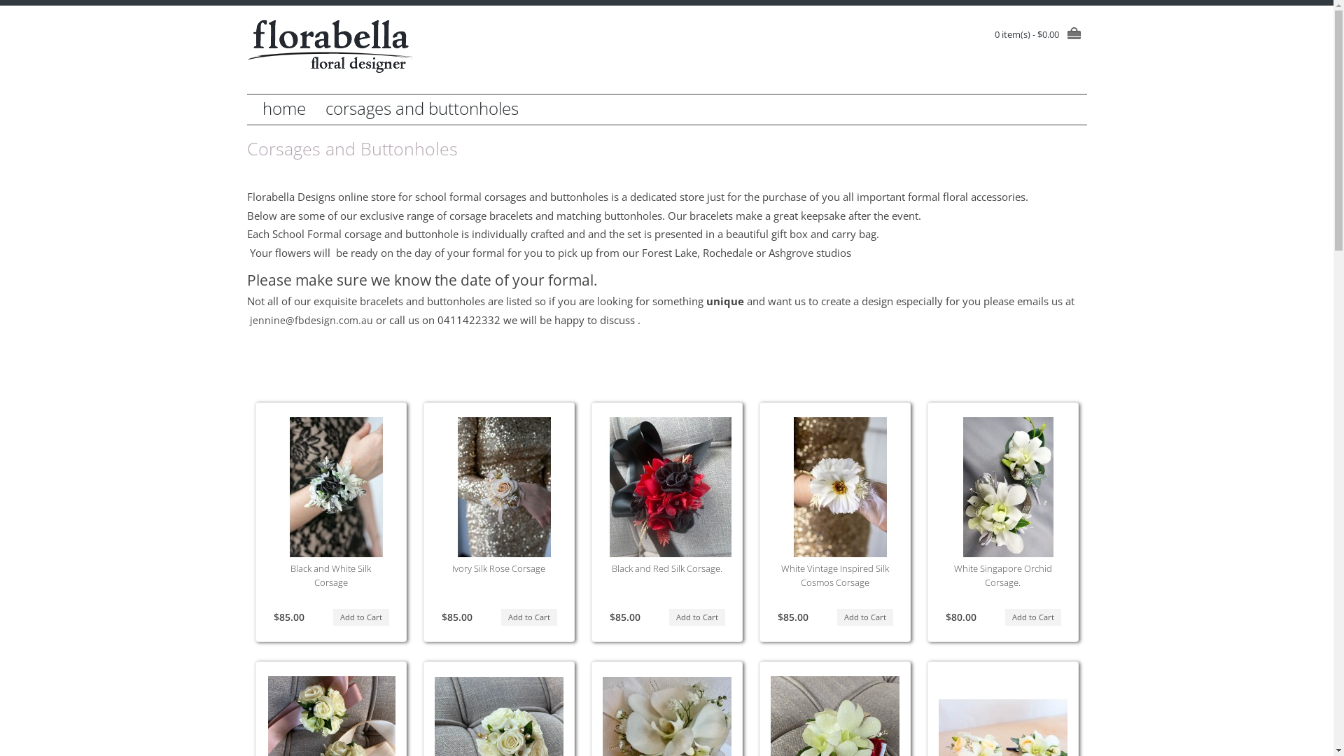 The height and width of the screenshot is (756, 1344). Describe the element at coordinates (329, 45) in the screenshot. I see `'Florabella Design'` at that location.